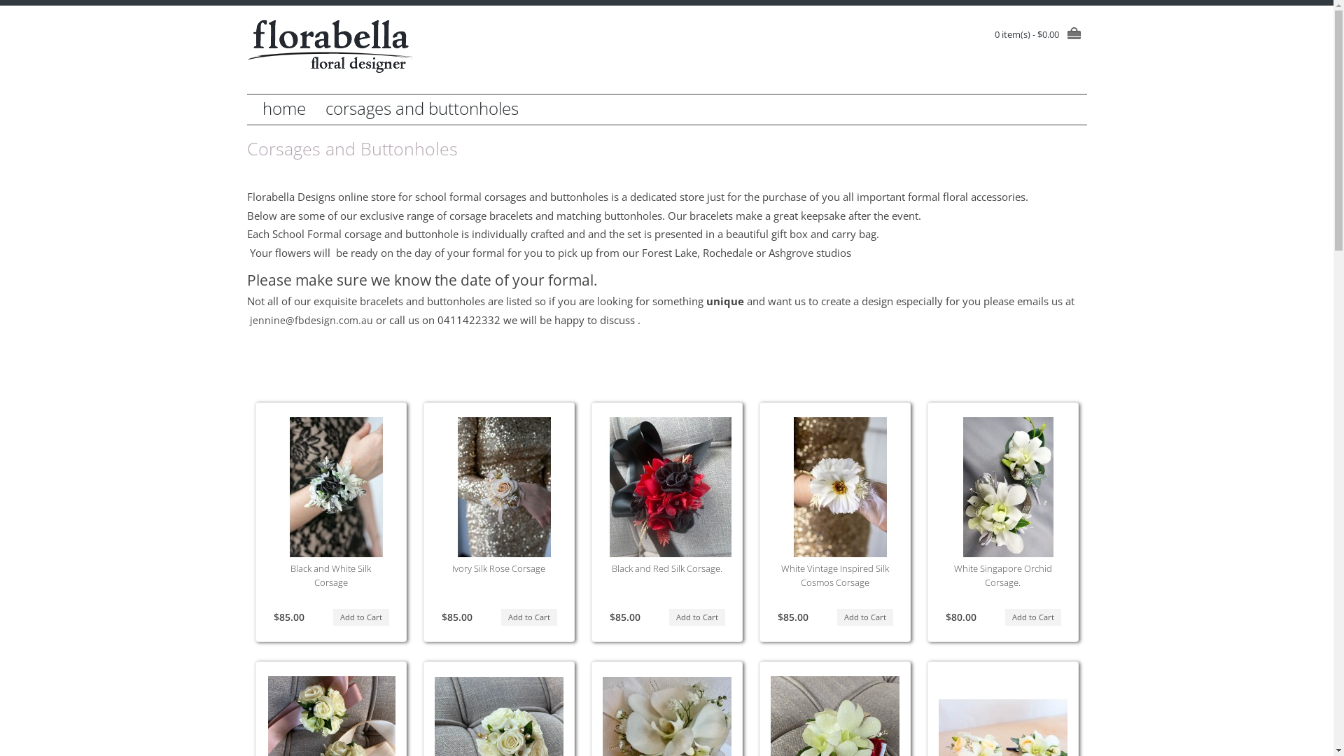 The height and width of the screenshot is (756, 1344). Describe the element at coordinates (329, 45) in the screenshot. I see `'Florabella Design'` at that location.